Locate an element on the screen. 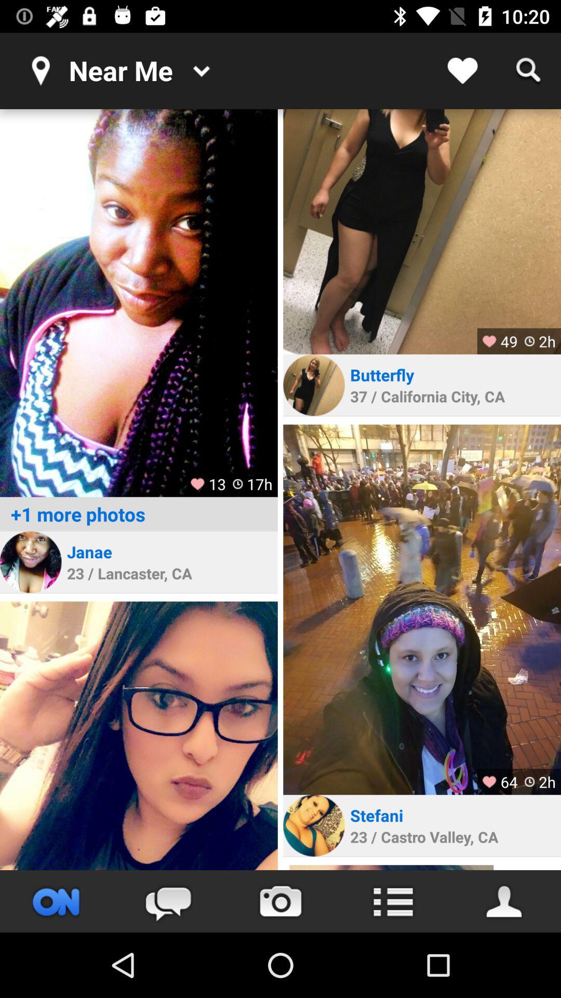 The image size is (561, 998). photo is located at coordinates (422, 609).